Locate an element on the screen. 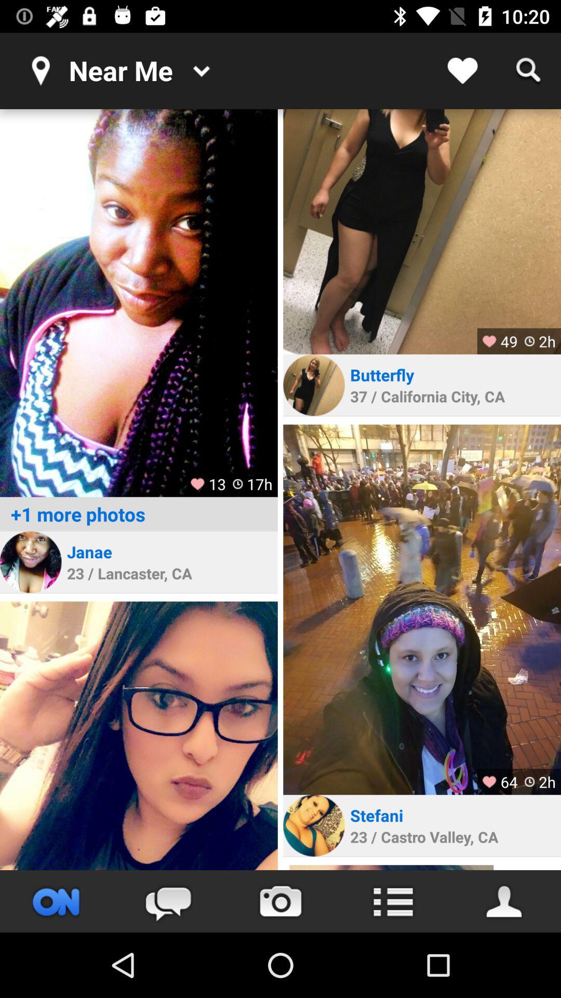 The image size is (561, 998). photo is located at coordinates (422, 609).